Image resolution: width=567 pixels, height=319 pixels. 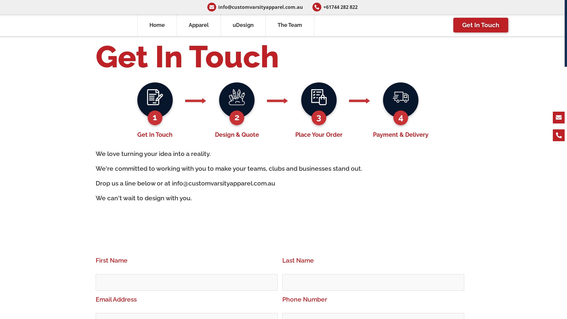 I want to click on 'Home', so click(x=157, y=25).